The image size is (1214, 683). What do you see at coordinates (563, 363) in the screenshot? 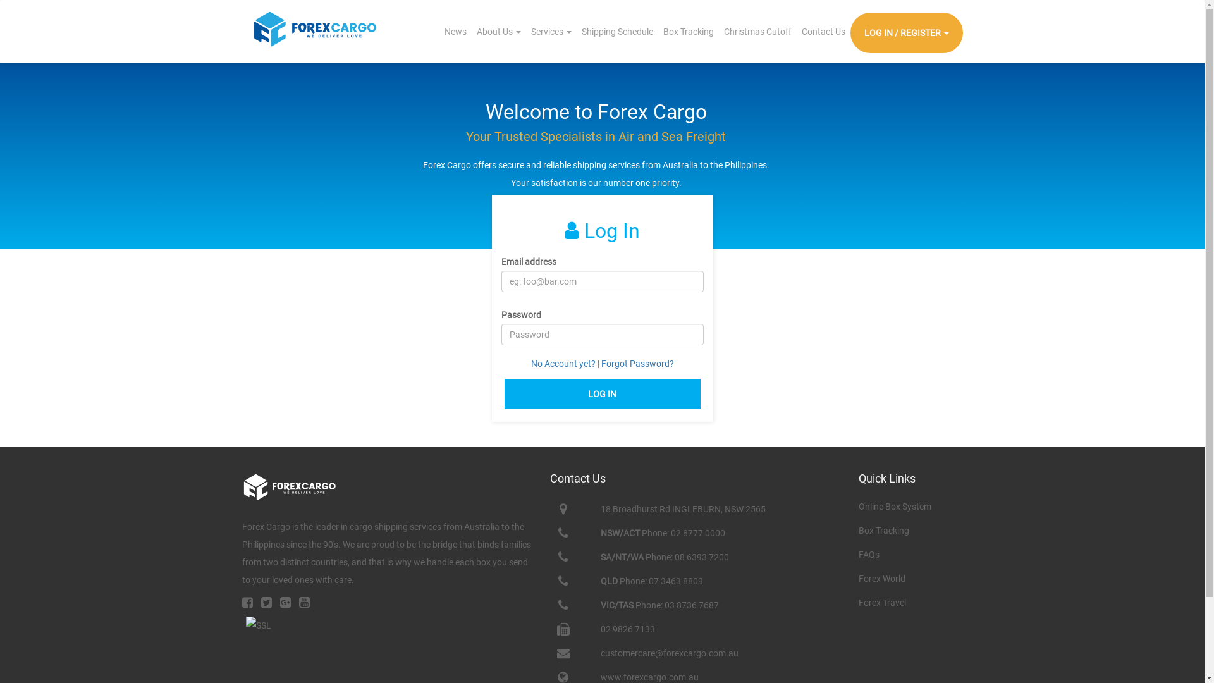
I see `'No Account yet?'` at bounding box center [563, 363].